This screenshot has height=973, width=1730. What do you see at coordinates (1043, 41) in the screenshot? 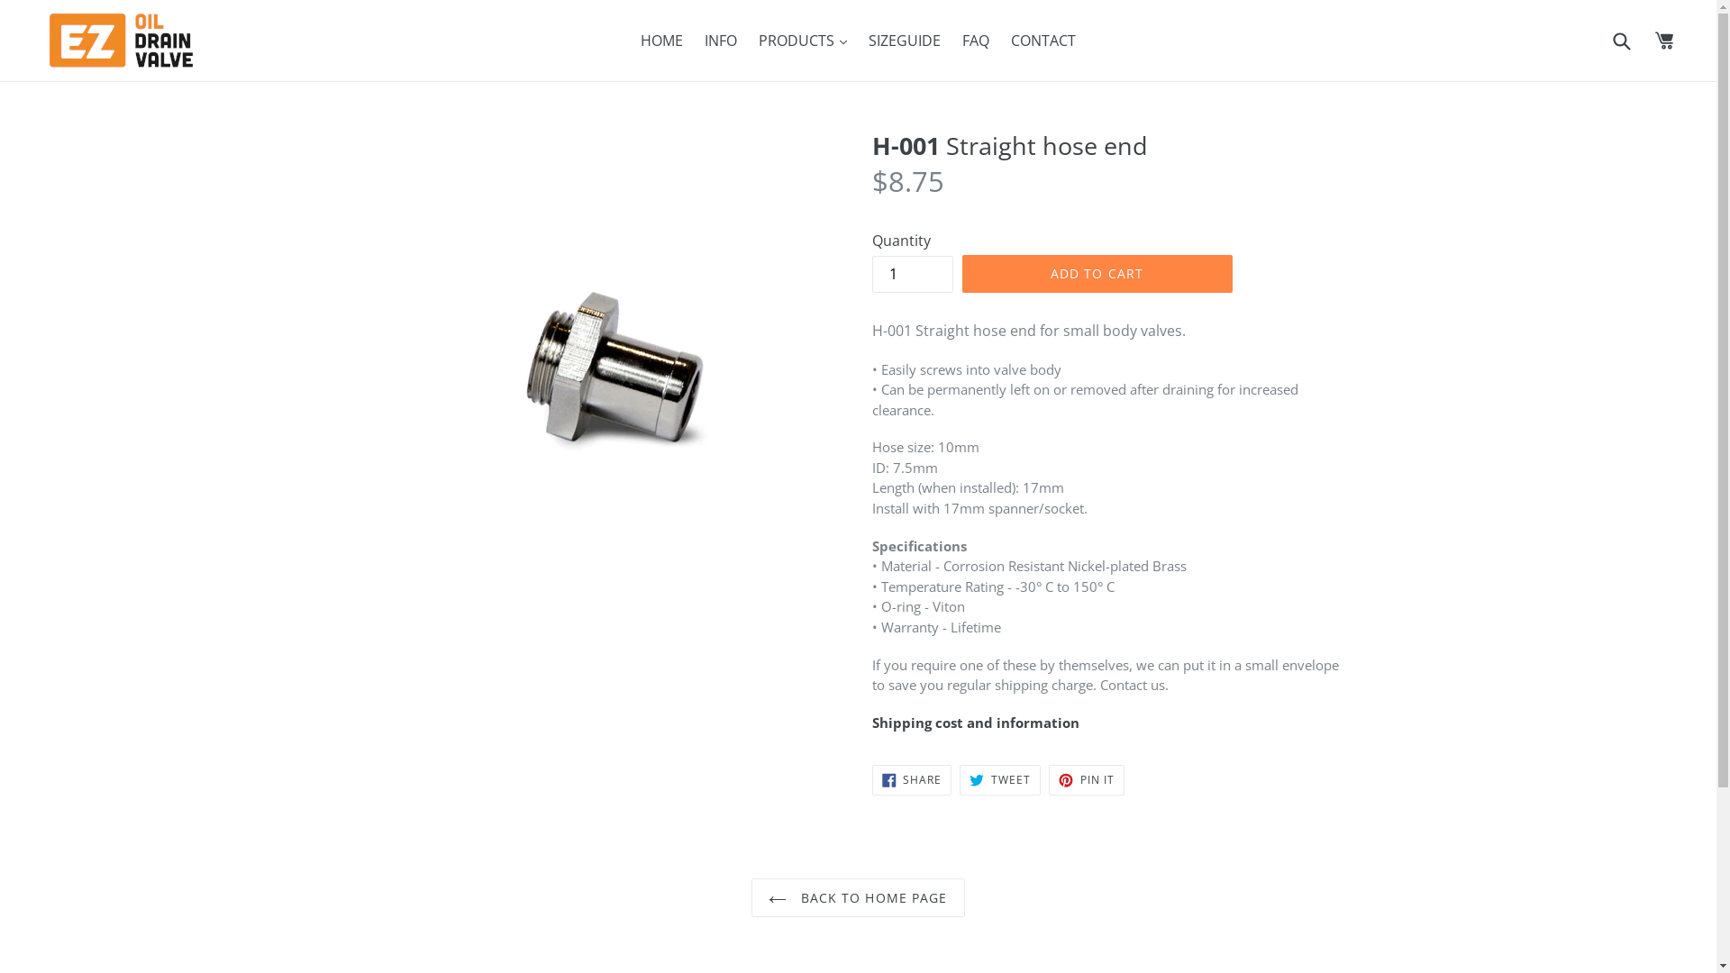
I see `'CONTACT'` at bounding box center [1043, 41].